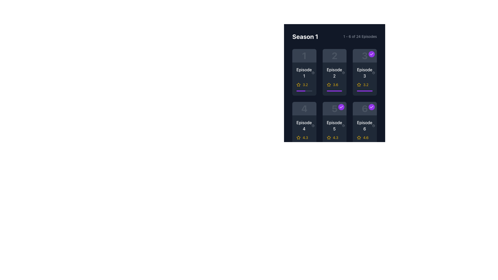  Describe the element at coordinates (364, 85) in the screenshot. I see `the Rating indicator for Episode 3, which consists of a yellow outlined star icon and a numerical rating of '3.2' in yellow text beside it, positioned below the episode title and runtime` at that location.